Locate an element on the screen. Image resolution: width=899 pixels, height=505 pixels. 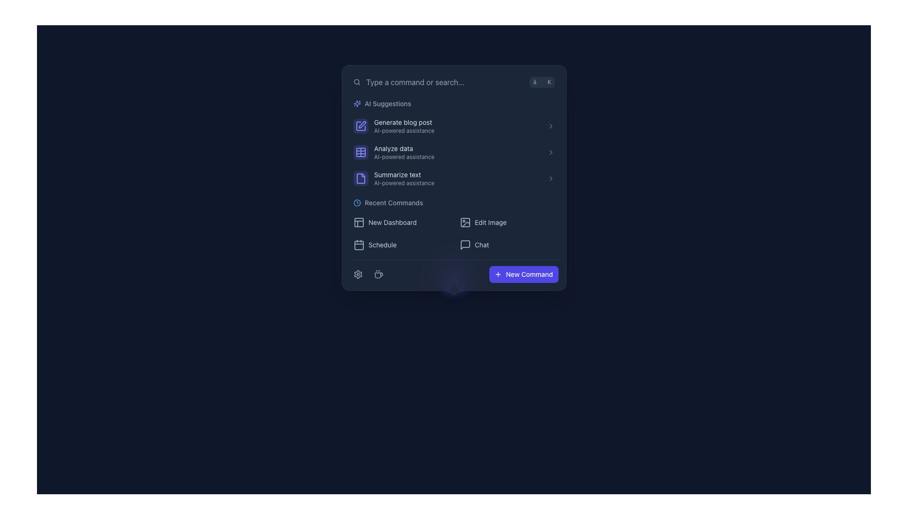
the Icon button which features a pen icon inside a square, located at the leftmost side of the 'Generate blog post' row is located at coordinates (360, 126).